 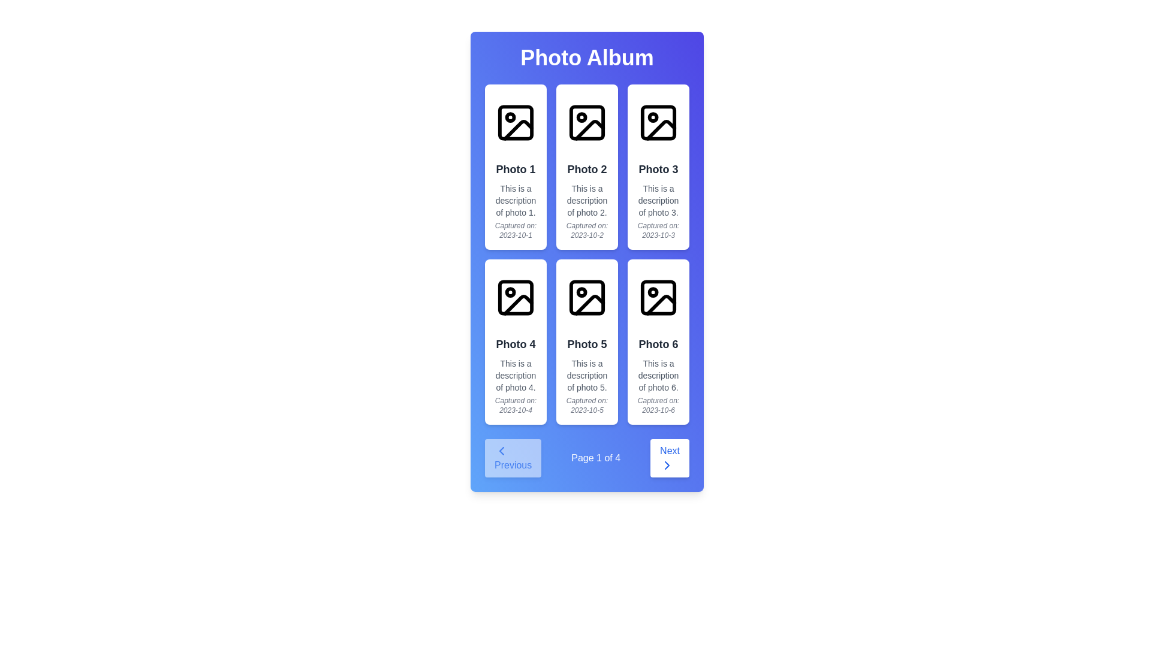 What do you see at coordinates (658, 122) in the screenshot?
I see `the image placeholder icon located at the top of the card for 'Photo 3', which is centered horizontally above the title and description text` at bounding box center [658, 122].